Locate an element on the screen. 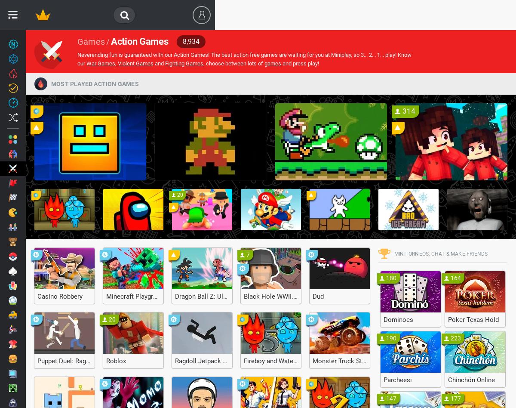 This screenshot has width=516, height=408. ',' is located at coordinates (116, 63).